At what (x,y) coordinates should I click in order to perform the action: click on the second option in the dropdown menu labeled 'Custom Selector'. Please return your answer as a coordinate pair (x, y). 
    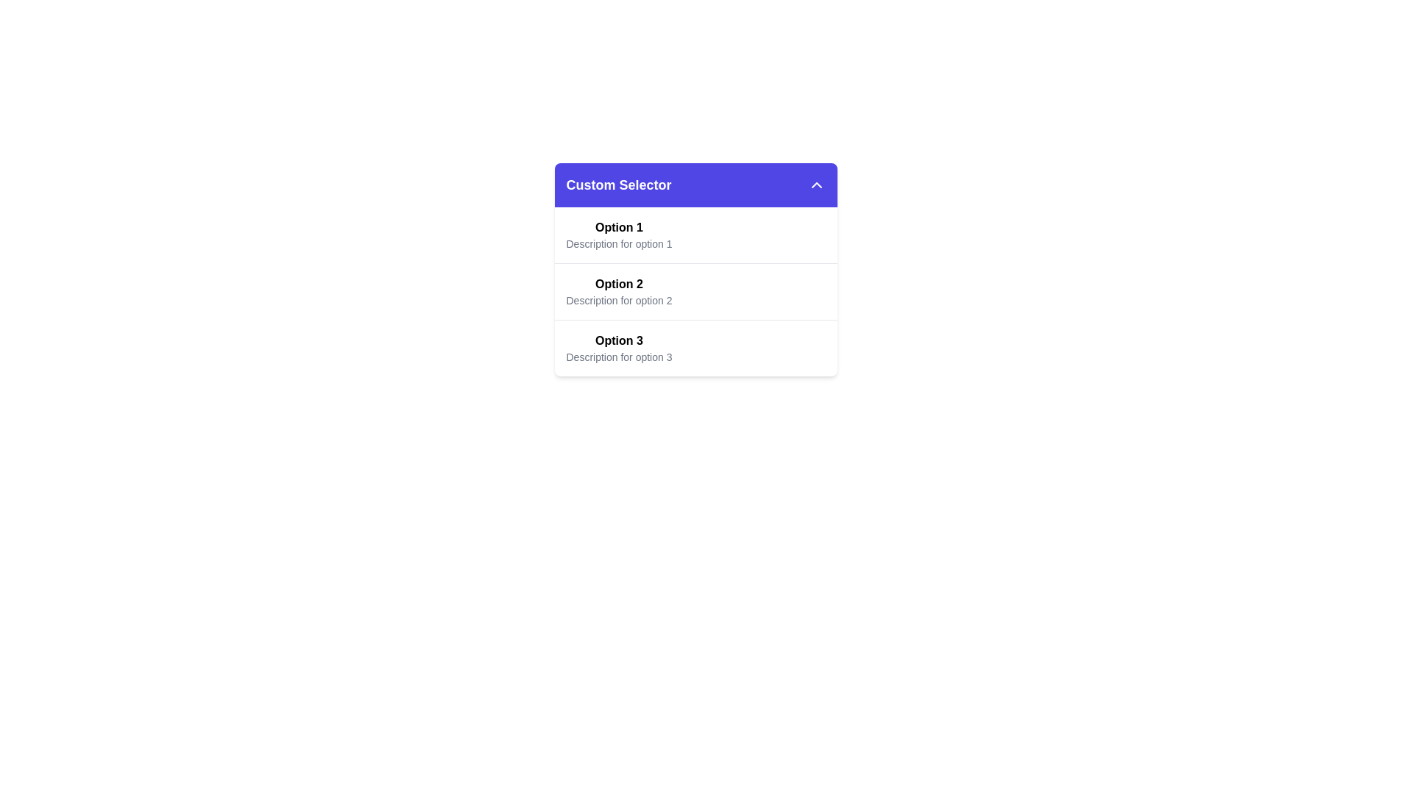
    Looking at the image, I should click on (695, 269).